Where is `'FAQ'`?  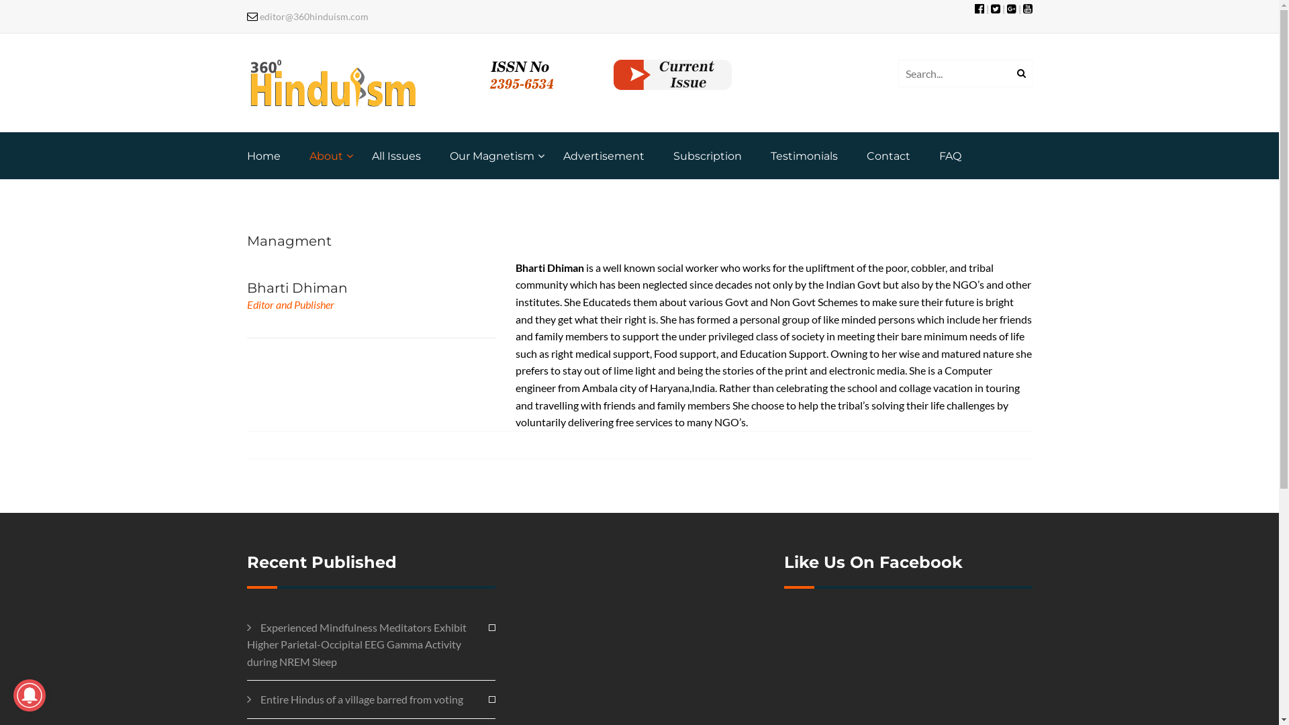 'FAQ' is located at coordinates (949, 155).